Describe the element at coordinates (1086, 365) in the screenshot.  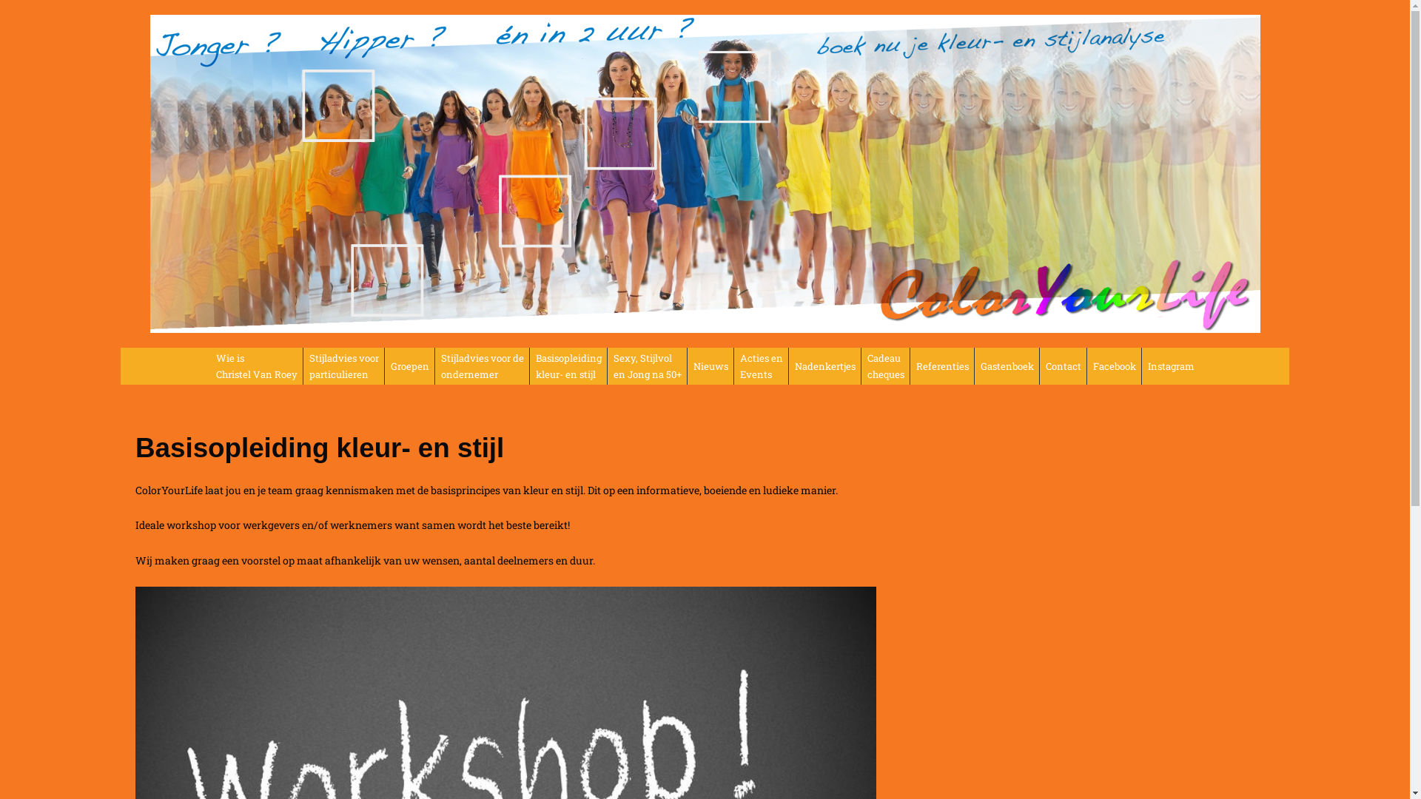
I see `'Facebook'` at that location.